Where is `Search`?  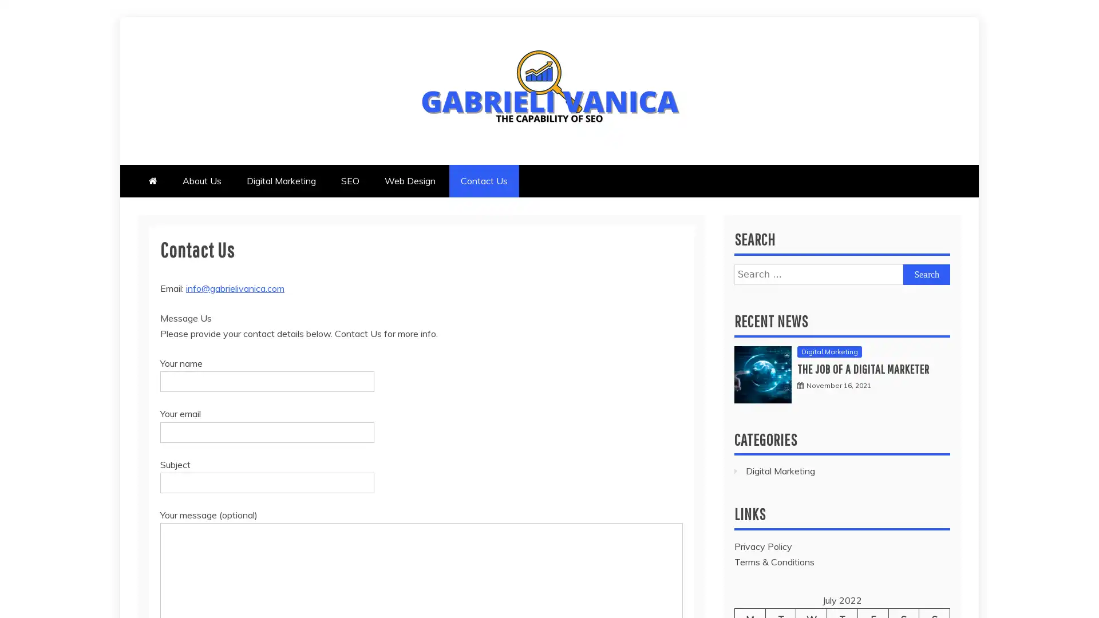
Search is located at coordinates (926, 274).